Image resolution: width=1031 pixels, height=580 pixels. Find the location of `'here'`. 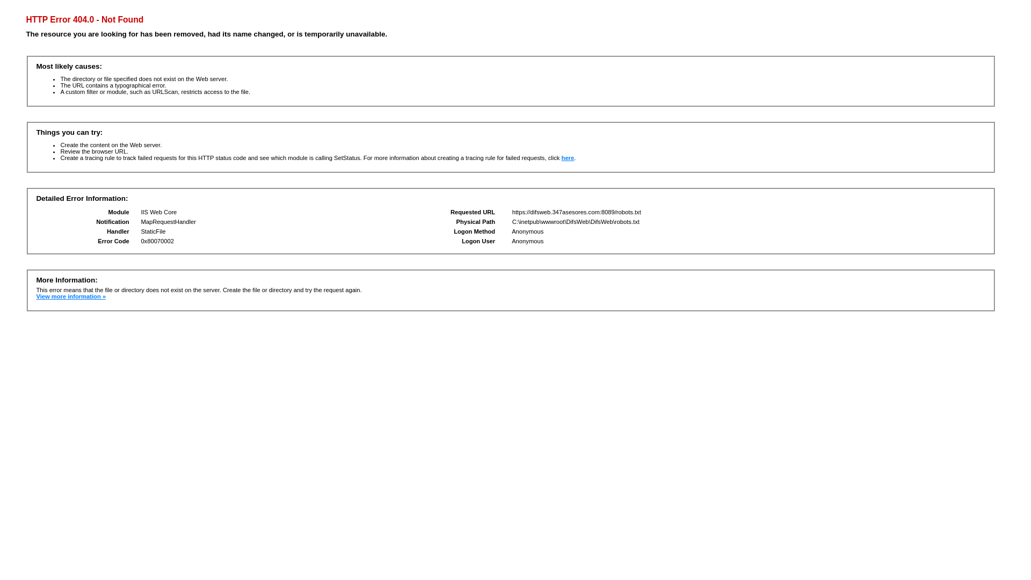

'here' is located at coordinates (567, 157).